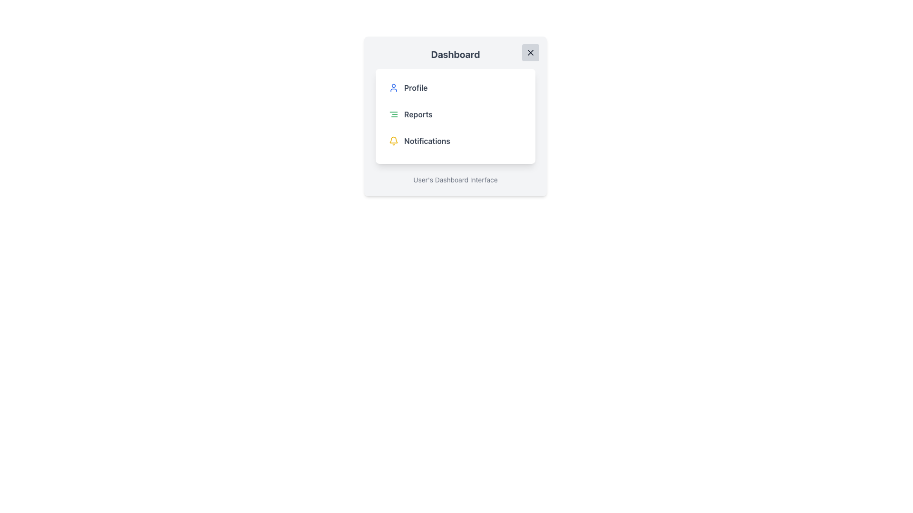 The width and height of the screenshot is (913, 513). Describe the element at coordinates (455, 141) in the screenshot. I see `the third List Item labeled 'Notifications' in the Dashboard section to change its background color` at that location.